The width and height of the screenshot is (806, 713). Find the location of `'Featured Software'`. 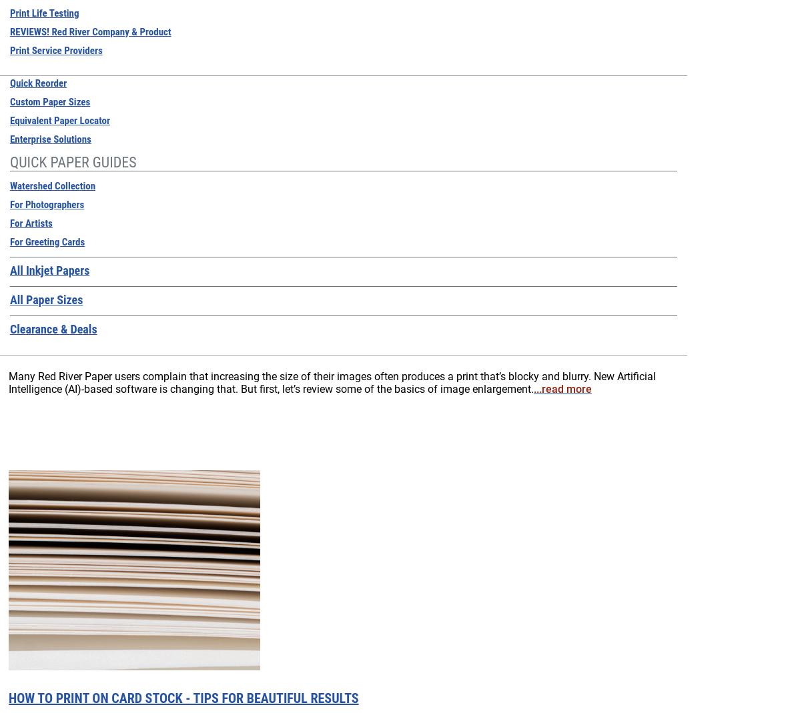

'Featured Software' is located at coordinates (370, 31).